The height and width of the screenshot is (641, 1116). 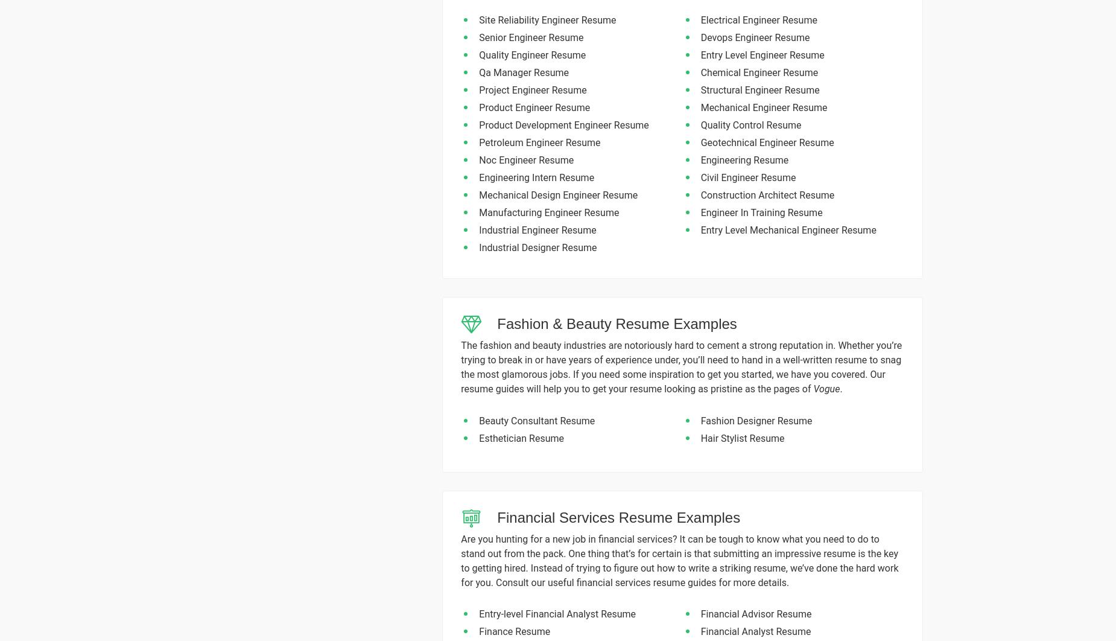 What do you see at coordinates (679, 560) in the screenshot?
I see `'Are you hunting for a new job in financial services? It can be tough to know what you need to do to stand out from the pack. One thing that’s for certain is that submitting an impressive resume is the key to getting hired. Instead of trying to figure out how to write a striking resume, we’ve done the hard work for you. Consult our useful financial services resume guides for more details.'` at bounding box center [679, 560].